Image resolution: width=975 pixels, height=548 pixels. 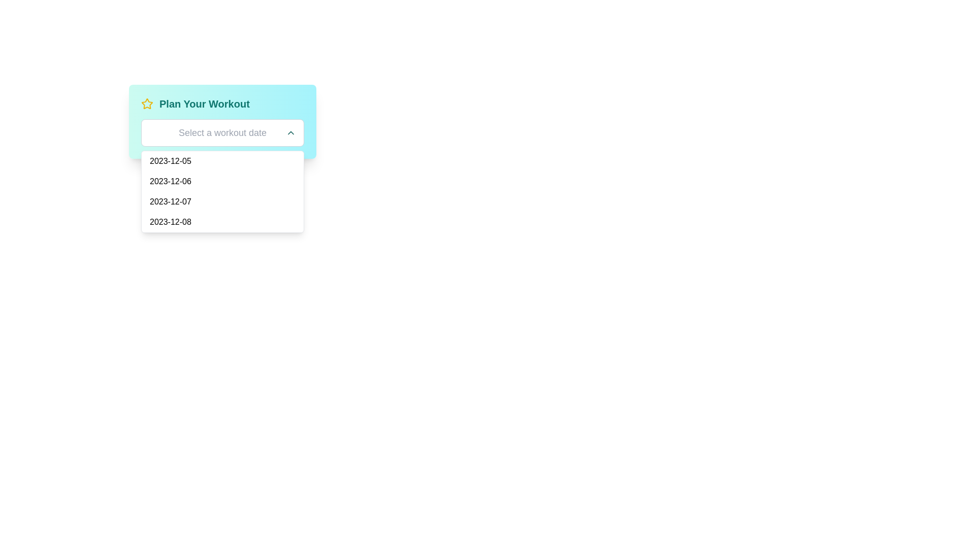 I want to click on the upward-pointing chevron icon button within the date picker component, positioned to the right of the 'Select a workout date' input field, so click(x=290, y=132).